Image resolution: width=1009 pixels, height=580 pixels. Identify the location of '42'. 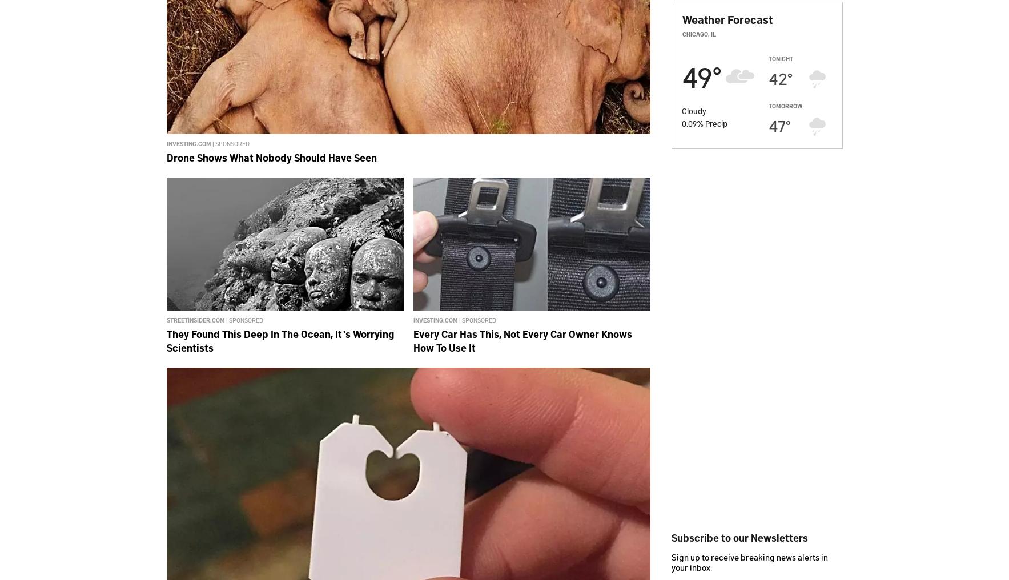
(777, 77).